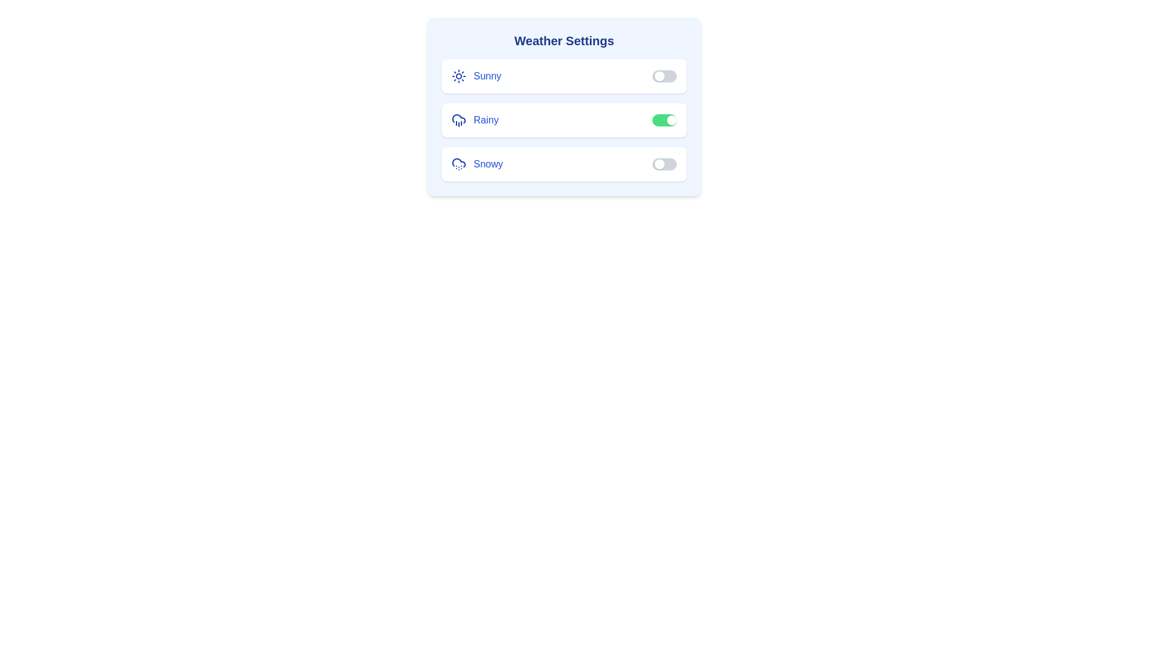 This screenshot has width=1175, height=660. Describe the element at coordinates (663, 164) in the screenshot. I see `the toggle switch for the 'Snowy' weather setting located in the 'Weather Settings' group, which is positioned to the far right of the 'Snowy' label and weather icon` at that location.